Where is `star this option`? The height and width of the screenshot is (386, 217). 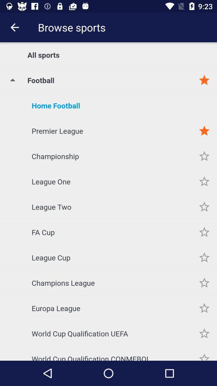 star this option is located at coordinates (204, 353).